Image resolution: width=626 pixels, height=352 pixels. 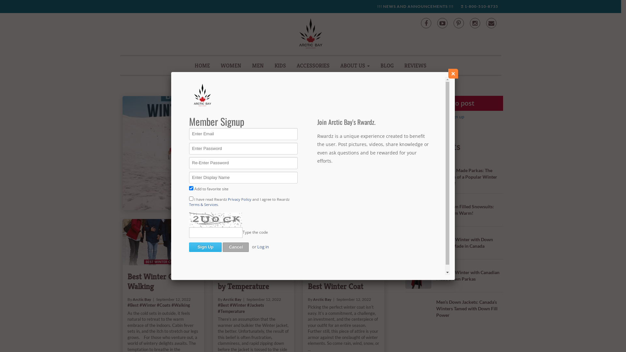 I want to click on '#Jackets', so click(x=247, y=305).